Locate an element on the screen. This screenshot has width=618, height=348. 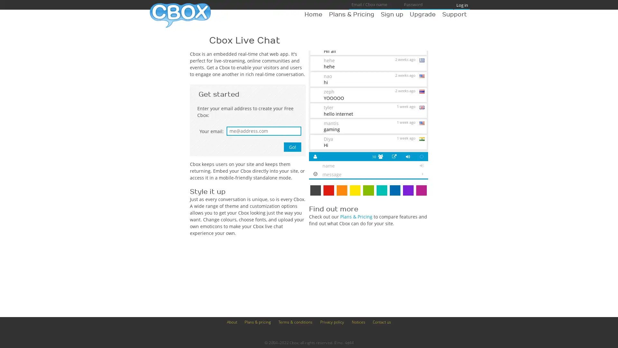
Go! is located at coordinates (292, 147).